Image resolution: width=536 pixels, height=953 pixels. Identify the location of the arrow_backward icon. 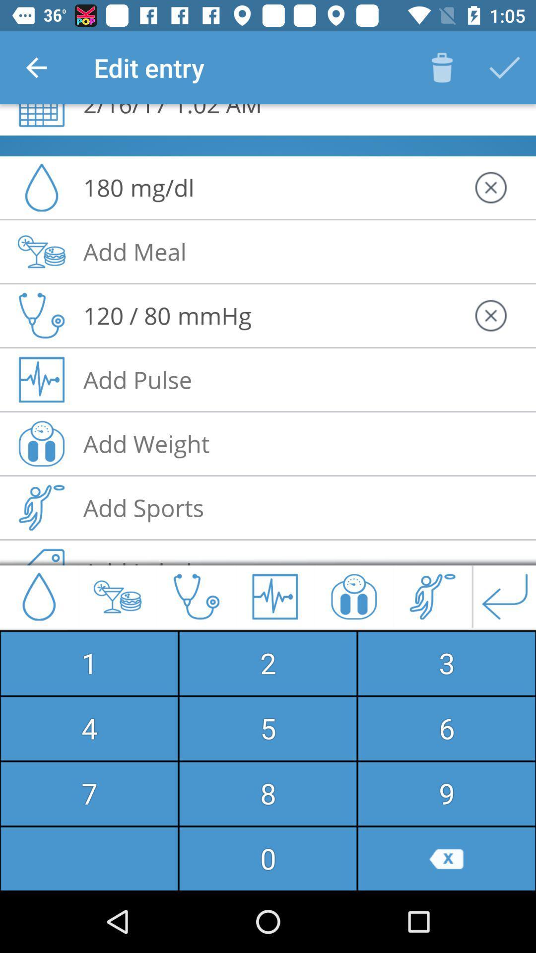
(505, 596).